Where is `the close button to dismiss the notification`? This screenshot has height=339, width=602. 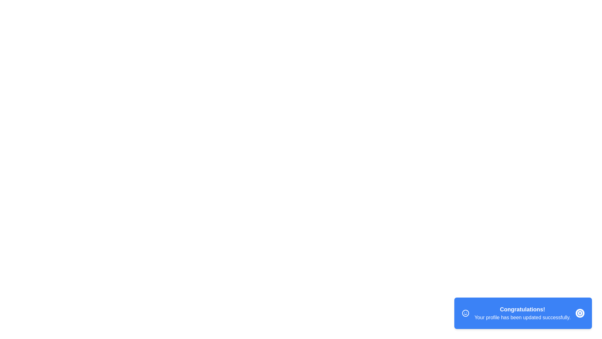 the close button to dismiss the notification is located at coordinates (579, 313).